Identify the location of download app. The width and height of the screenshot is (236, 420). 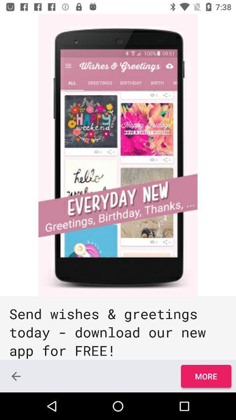
(118, 155).